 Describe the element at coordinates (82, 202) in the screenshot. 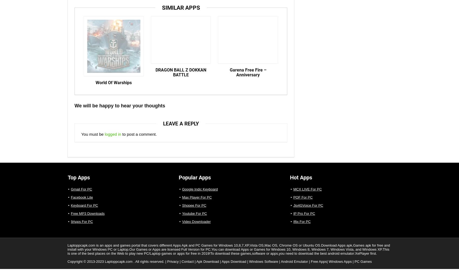

I see `'Facebook Lite'` at that location.